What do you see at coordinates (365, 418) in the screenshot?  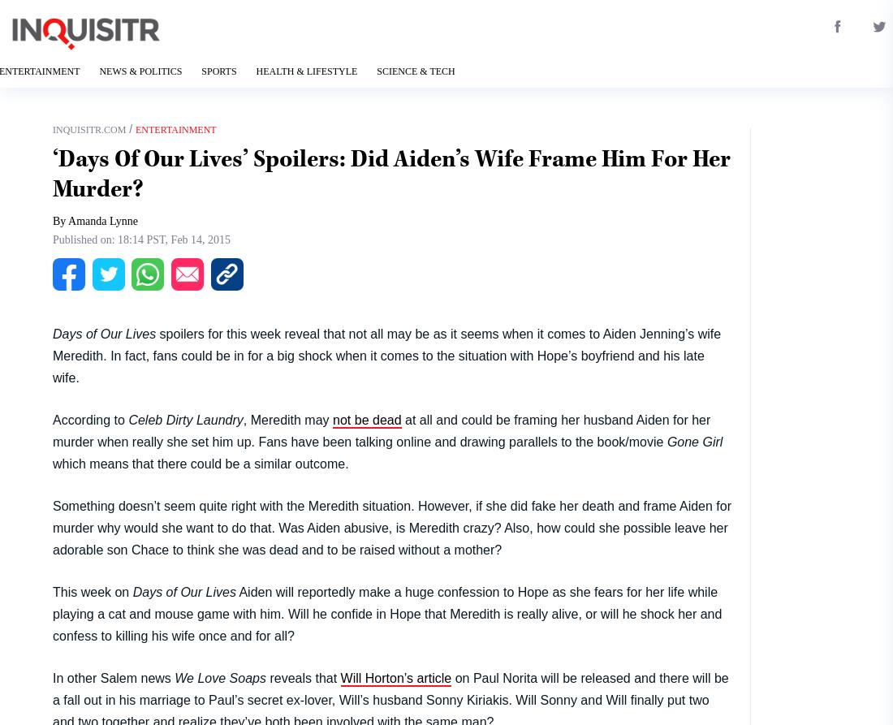 I see `'not be dead'` at bounding box center [365, 418].